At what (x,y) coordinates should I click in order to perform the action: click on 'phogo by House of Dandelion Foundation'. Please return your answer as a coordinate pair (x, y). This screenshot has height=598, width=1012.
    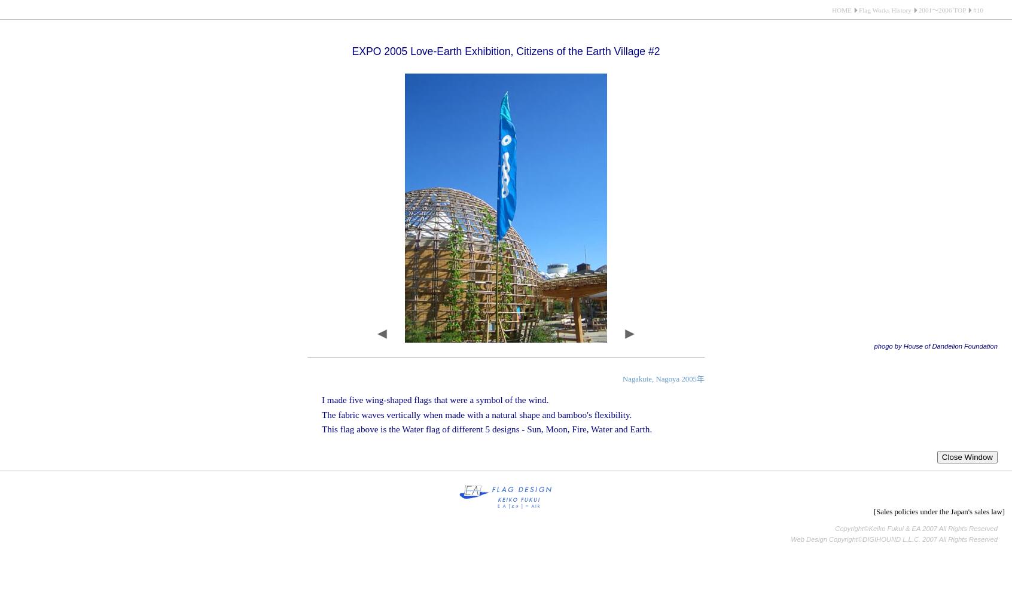
    Looking at the image, I should click on (935, 346).